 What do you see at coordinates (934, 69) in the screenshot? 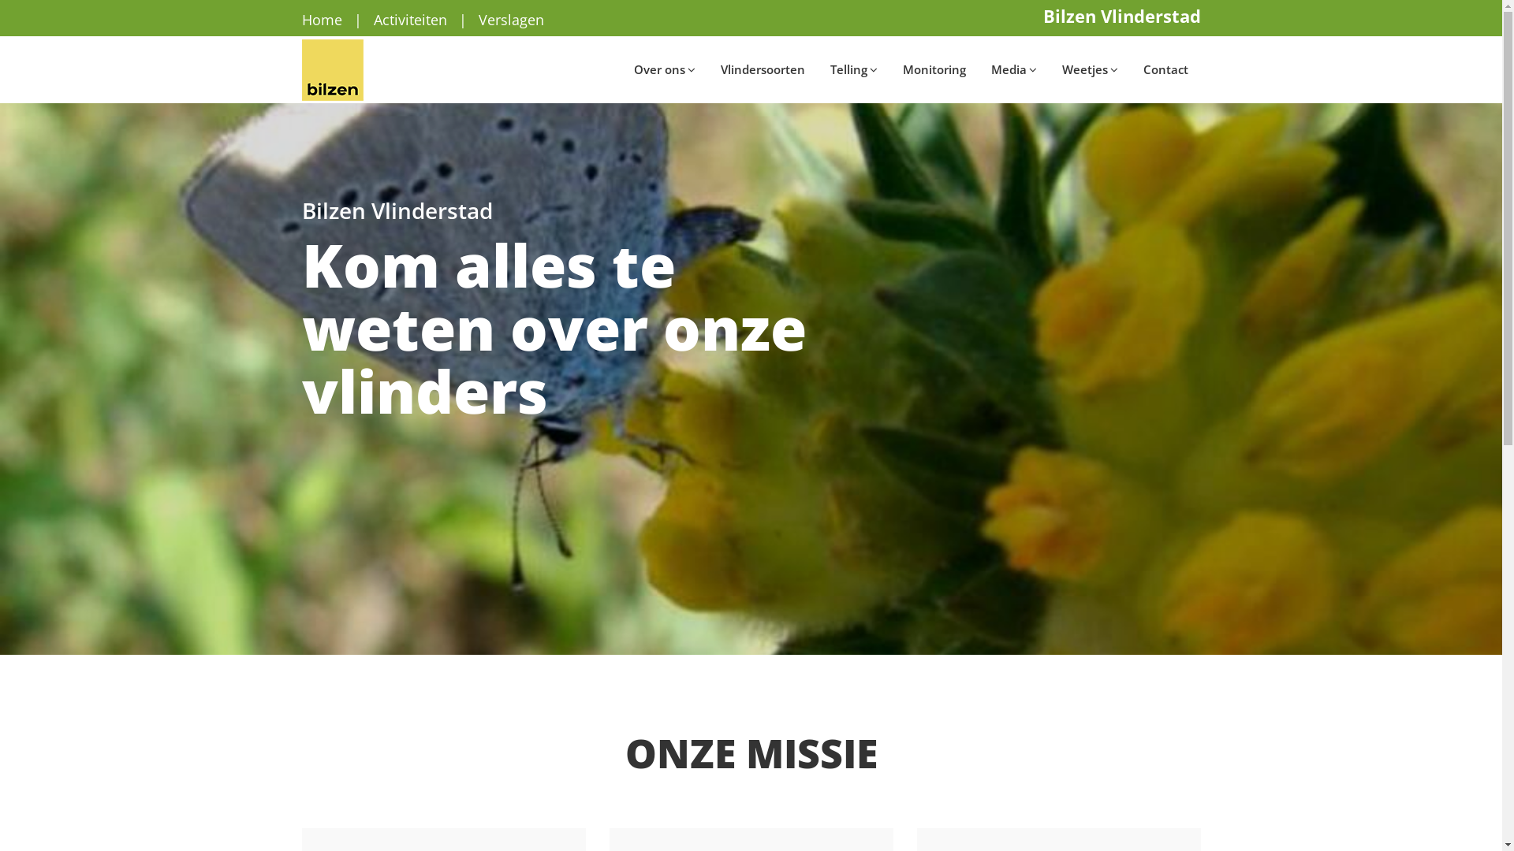
I see `'Monitoring'` at bounding box center [934, 69].